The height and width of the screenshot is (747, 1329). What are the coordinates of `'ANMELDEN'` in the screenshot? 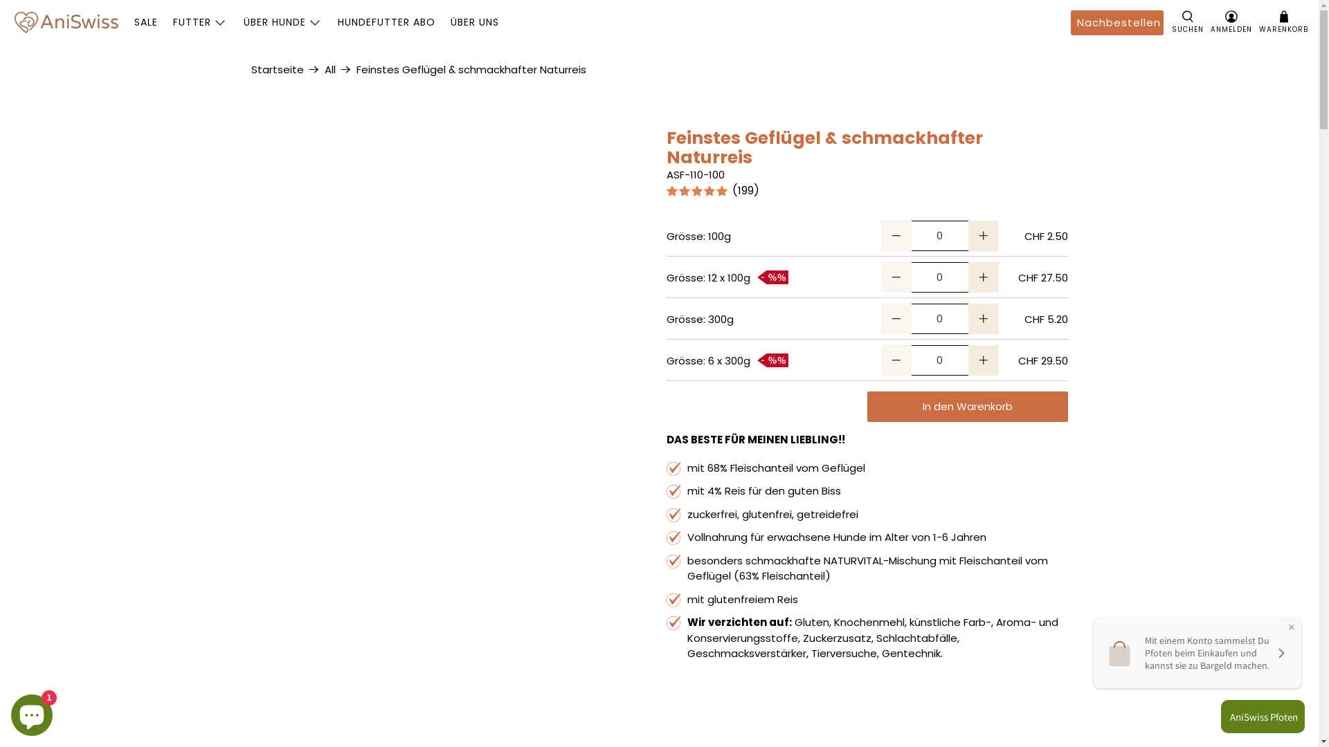 It's located at (1231, 23).